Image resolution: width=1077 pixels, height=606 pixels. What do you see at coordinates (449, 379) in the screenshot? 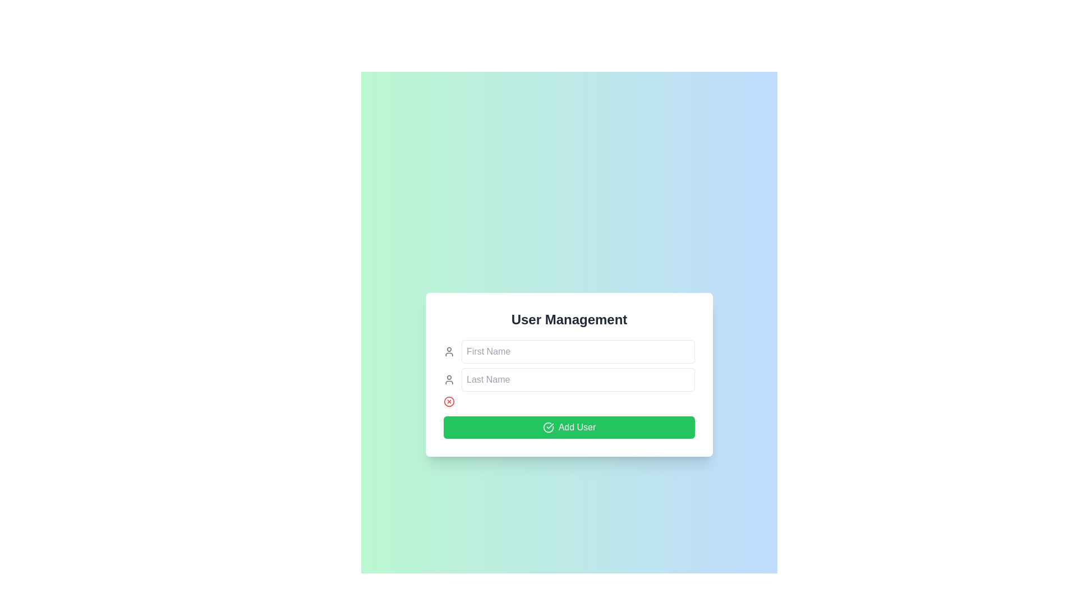
I see `the icon that indicates the purpose of the adjacent input field labeled 'First Name', located at the upper left of the input field` at bounding box center [449, 379].